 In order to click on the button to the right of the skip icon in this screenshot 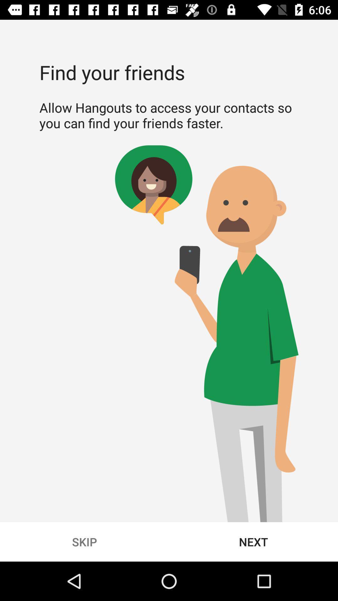, I will do `click(253, 542)`.